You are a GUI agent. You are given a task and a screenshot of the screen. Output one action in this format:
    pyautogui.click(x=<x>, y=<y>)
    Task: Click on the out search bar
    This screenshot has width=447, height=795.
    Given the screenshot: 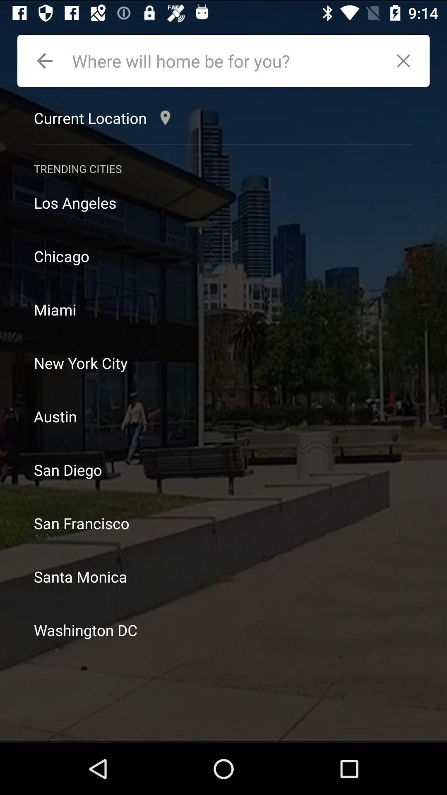 What is the action you would take?
    pyautogui.click(x=407, y=60)
    